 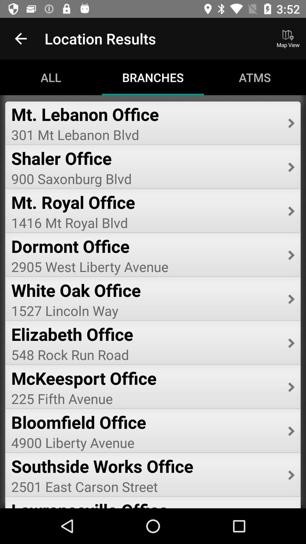 What do you see at coordinates (291, 475) in the screenshot?
I see `the arrow icon next to southside works office` at bounding box center [291, 475].